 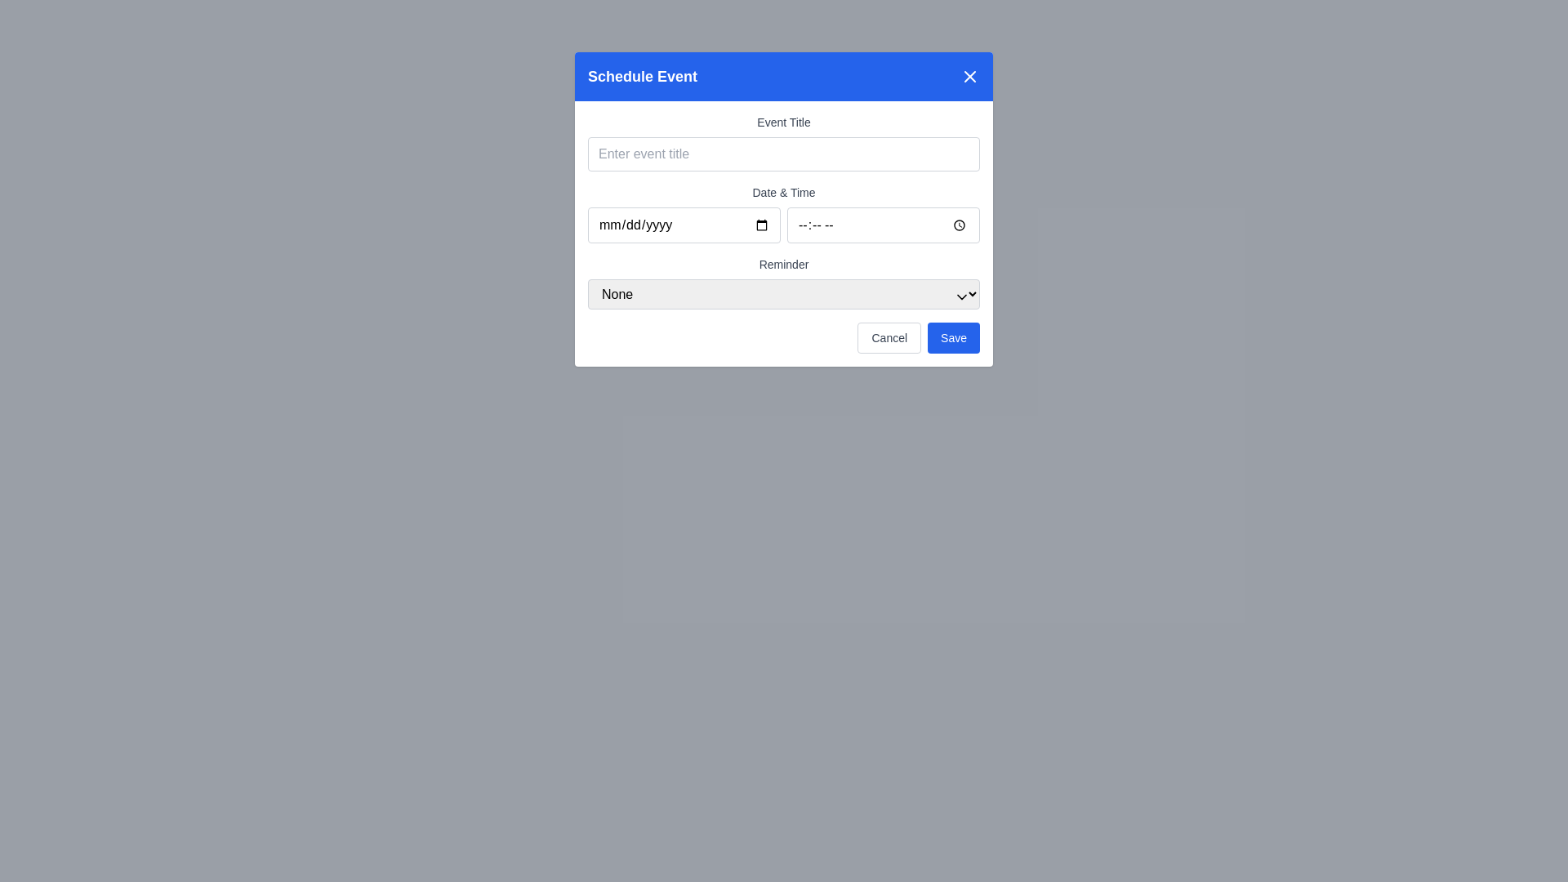 I want to click on the 'Reminder' label, which is a smaller, medium-weight gray text located above the 'None' dropdown in the 'Schedule Event' dialog box, so click(x=784, y=264).